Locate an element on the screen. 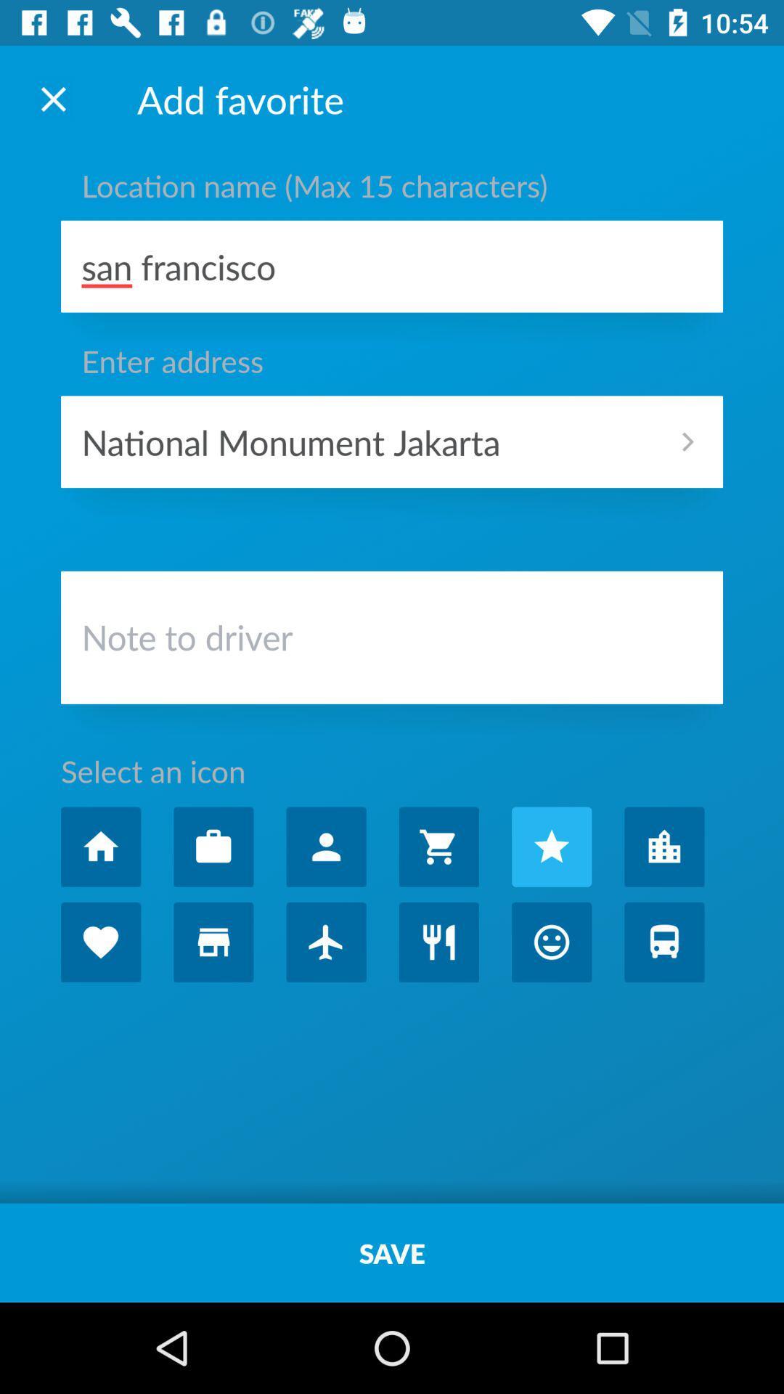 Image resolution: width=784 pixels, height=1394 pixels. click blue star is located at coordinates (552, 847).